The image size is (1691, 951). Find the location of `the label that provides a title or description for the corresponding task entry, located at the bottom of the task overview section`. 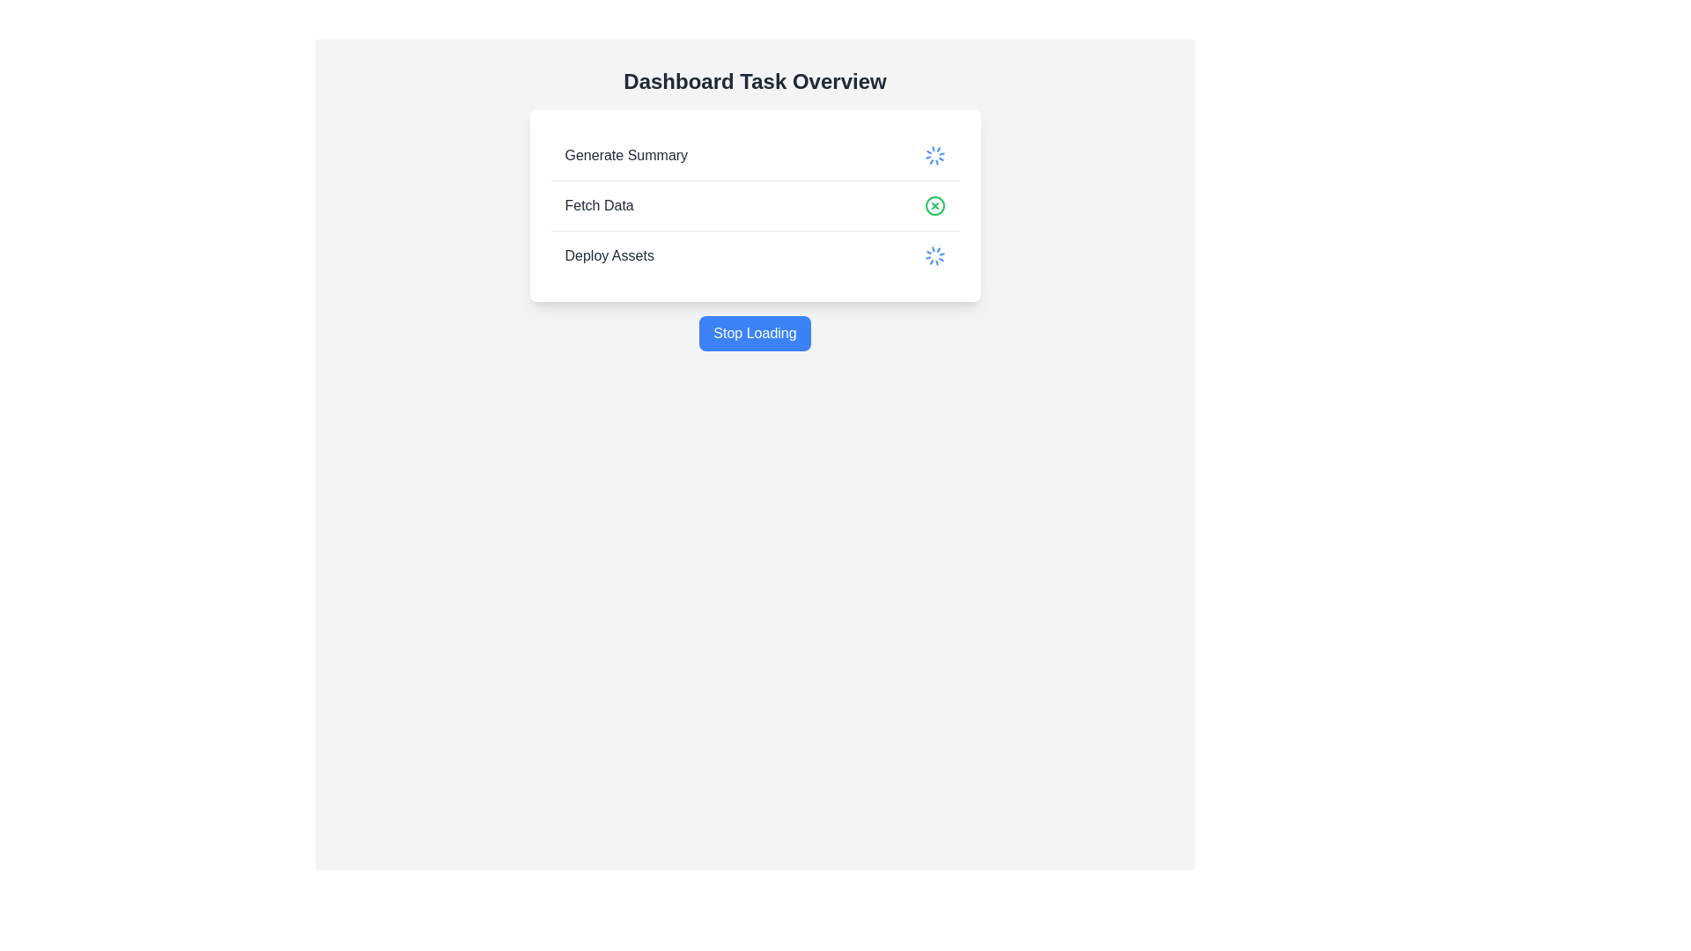

the label that provides a title or description for the corresponding task entry, located at the bottom of the task overview section is located at coordinates (609, 255).